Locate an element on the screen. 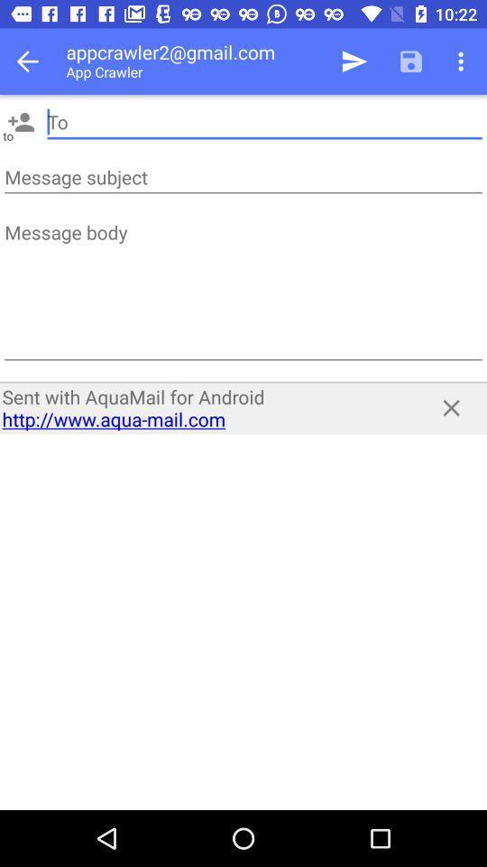  the item at the center is located at coordinates (204, 407).